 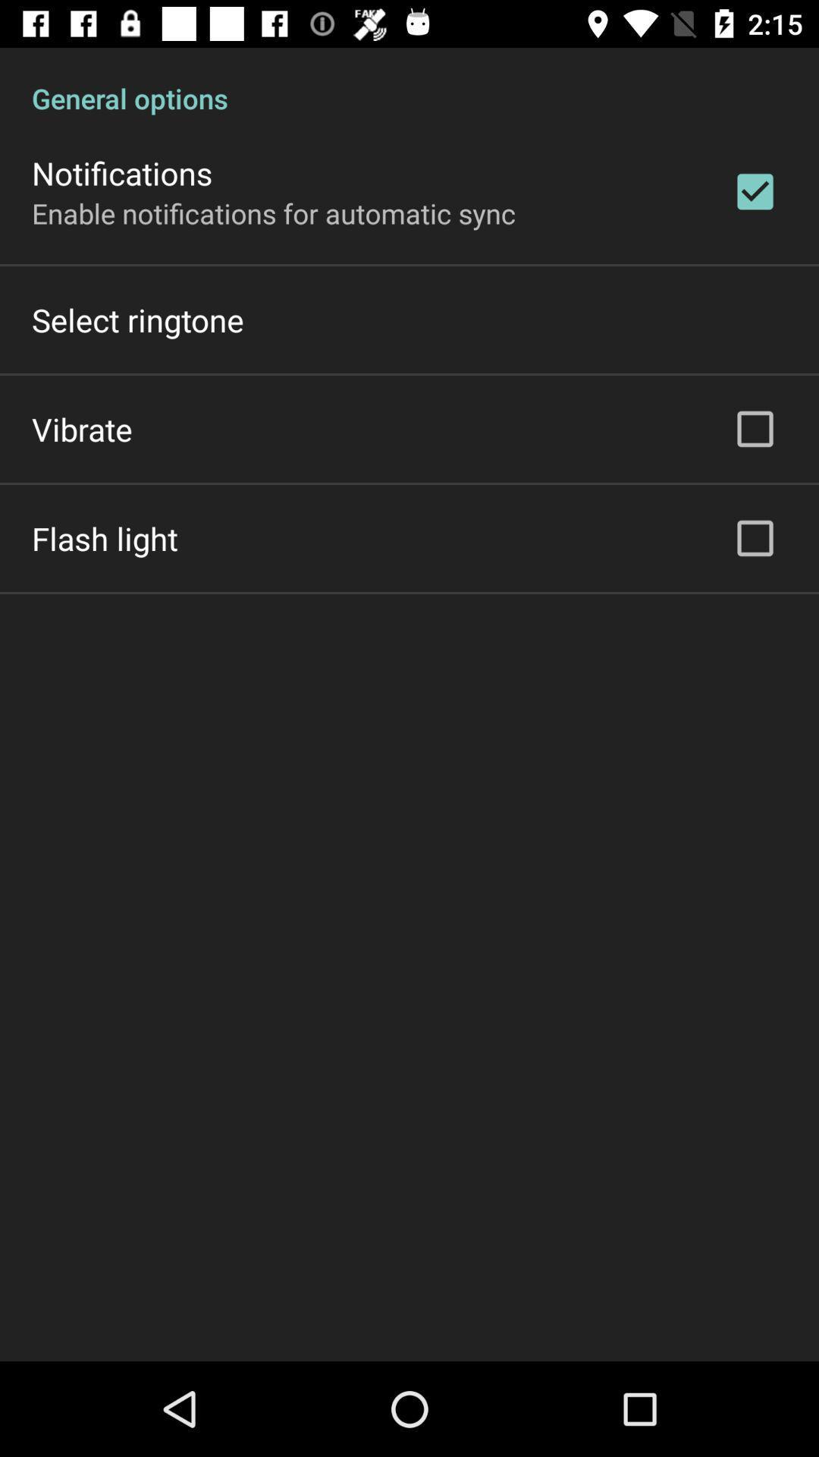 I want to click on flash light, so click(x=104, y=538).